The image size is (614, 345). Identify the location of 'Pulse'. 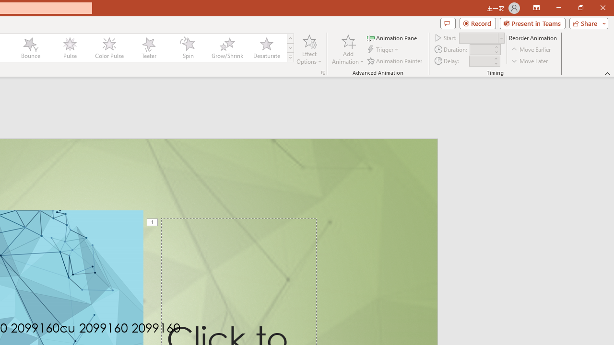
(69, 48).